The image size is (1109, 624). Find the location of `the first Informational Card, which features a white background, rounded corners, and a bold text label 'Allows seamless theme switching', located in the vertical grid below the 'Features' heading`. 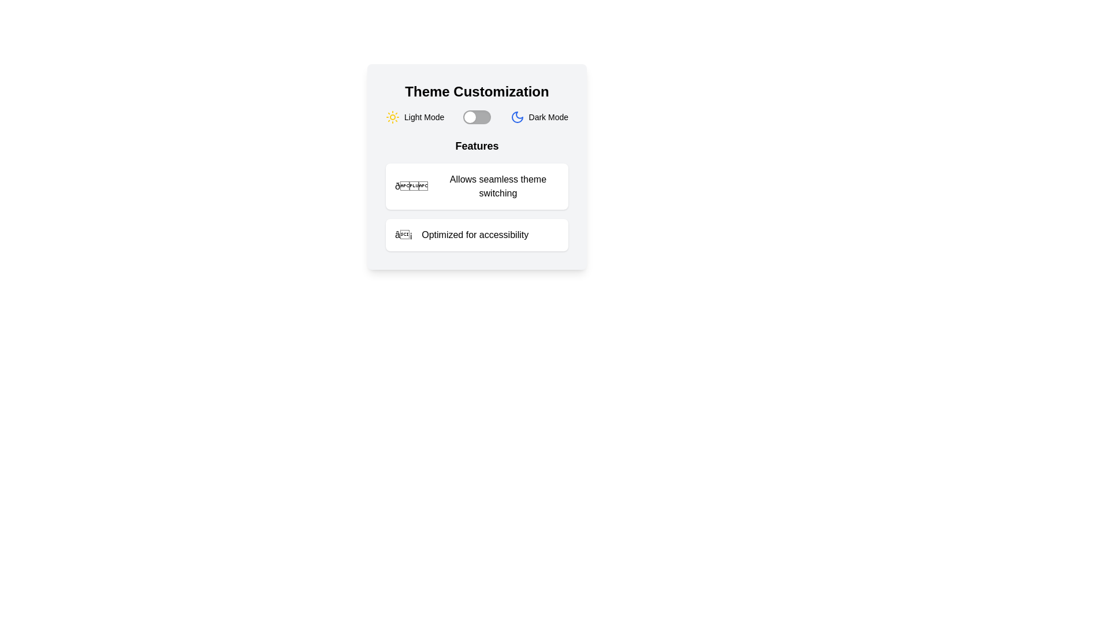

the first Informational Card, which features a white background, rounded corners, and a bold text label 'Allows seamless theme switching', located in the vertical grid below the 'Features' heading is located at coordinates (477, 186).